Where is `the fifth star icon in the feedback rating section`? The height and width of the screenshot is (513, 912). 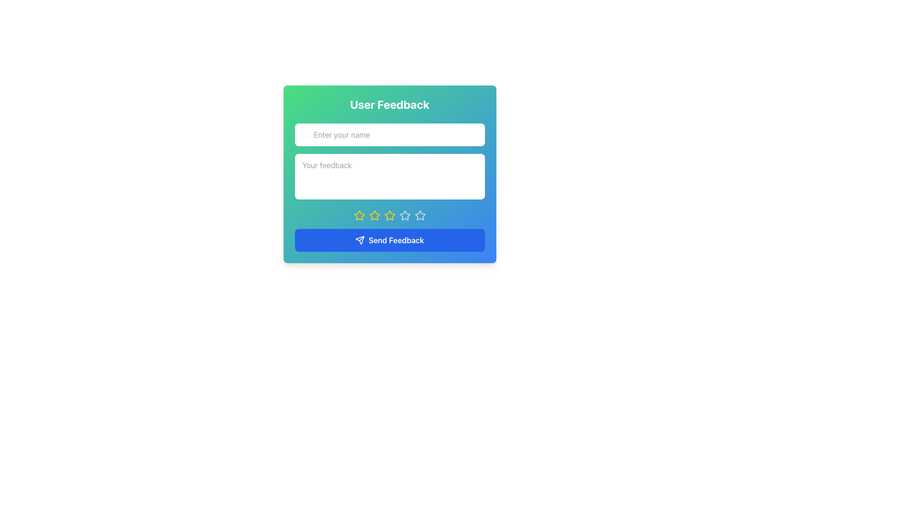 the fifth star icon in the feedback rating section is located at coordinates (405, 216).